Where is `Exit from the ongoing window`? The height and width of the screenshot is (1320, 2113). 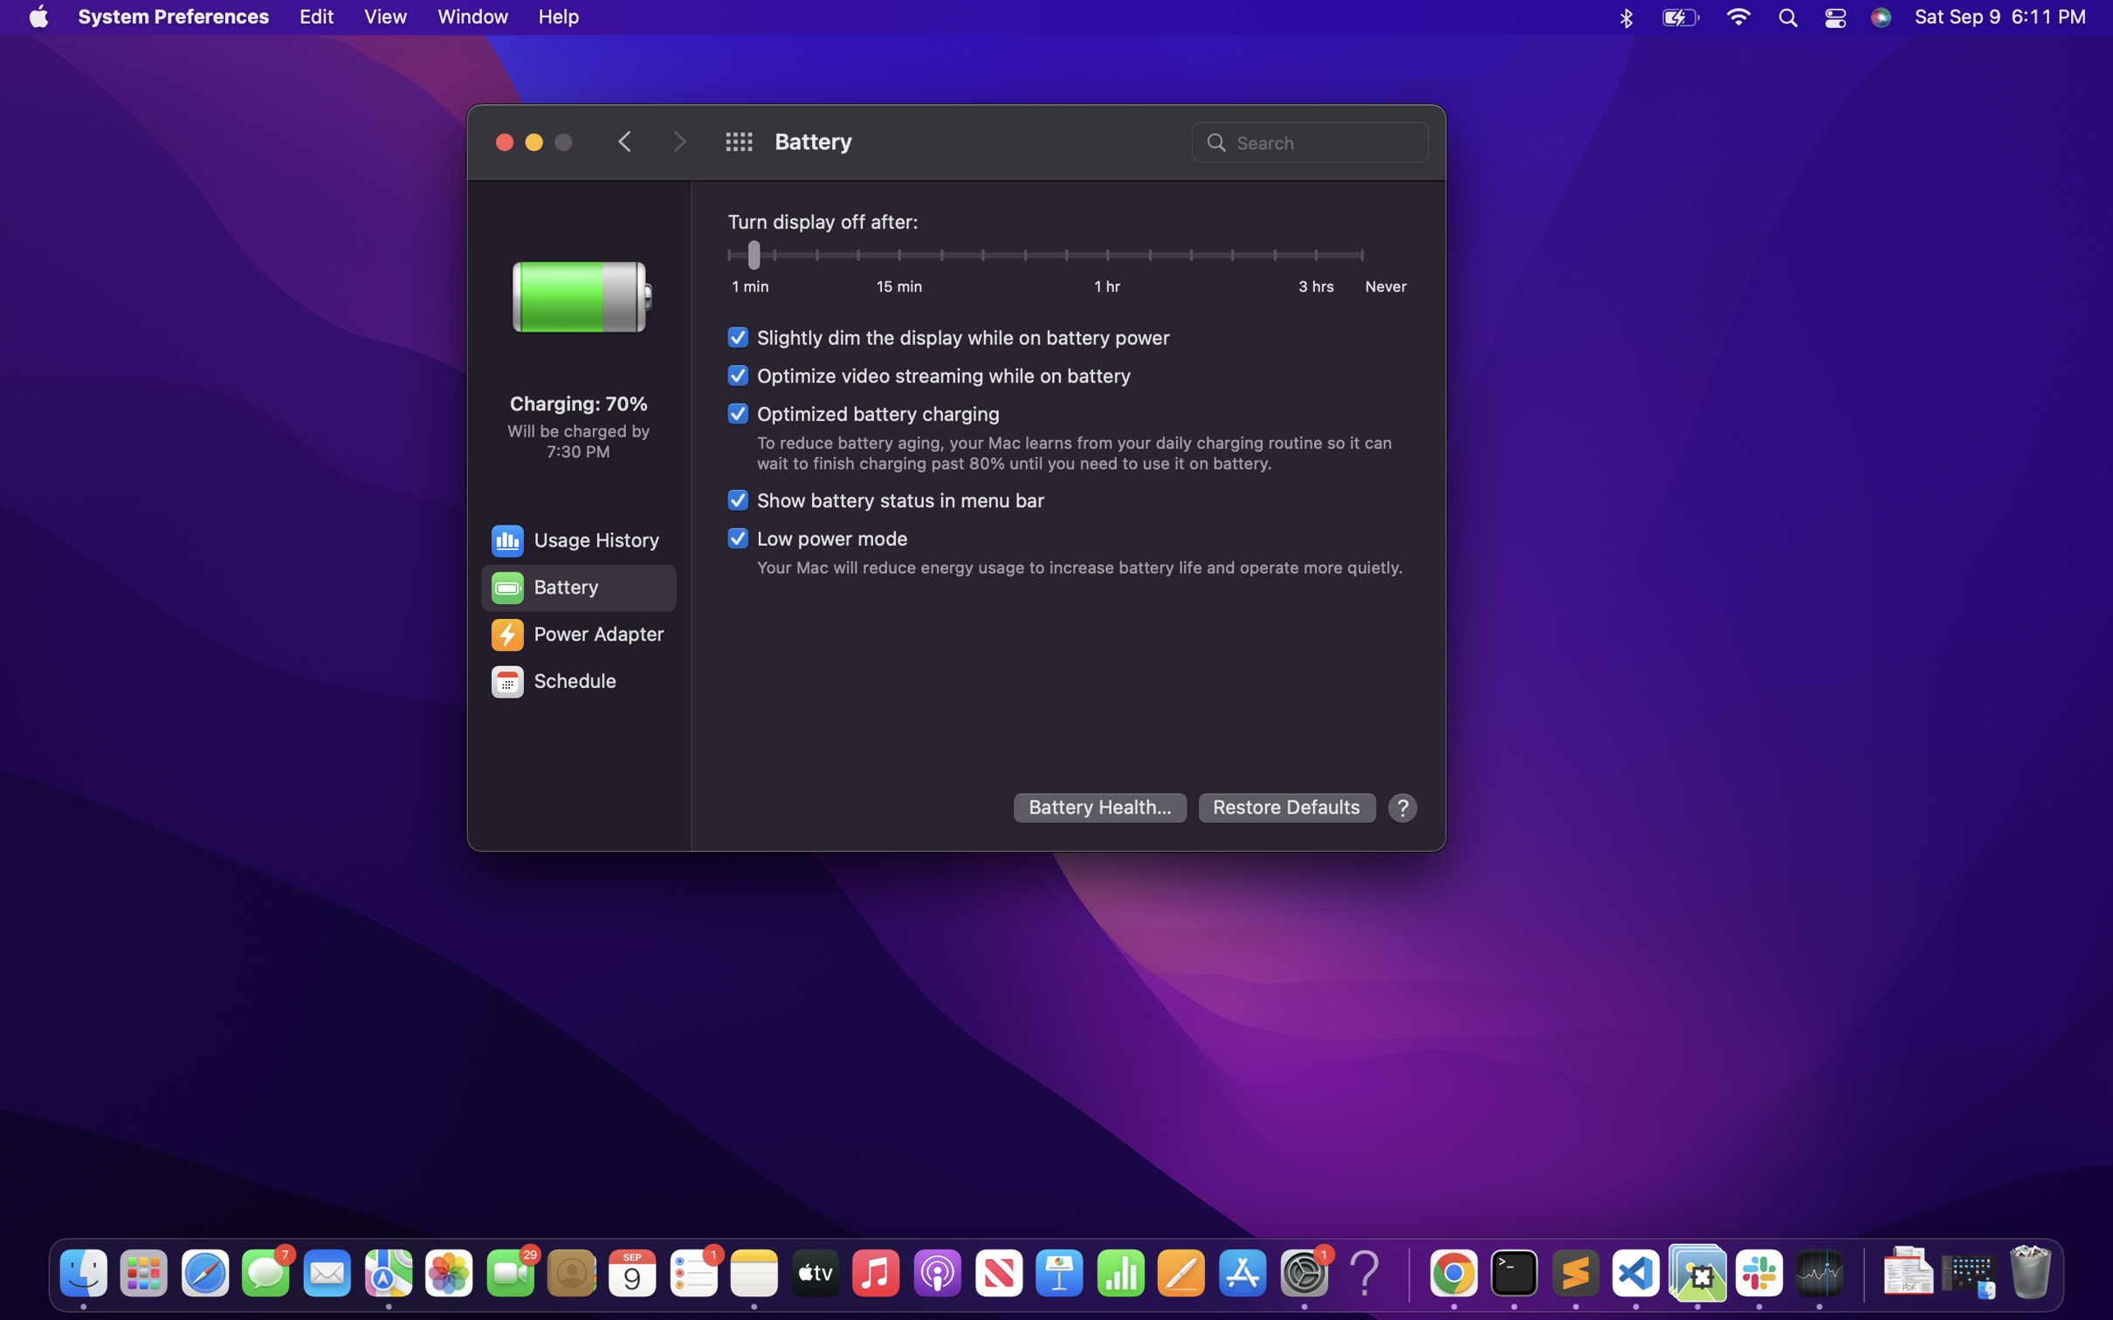 Exit from the ongoing window is located at coordinates (504, 140).